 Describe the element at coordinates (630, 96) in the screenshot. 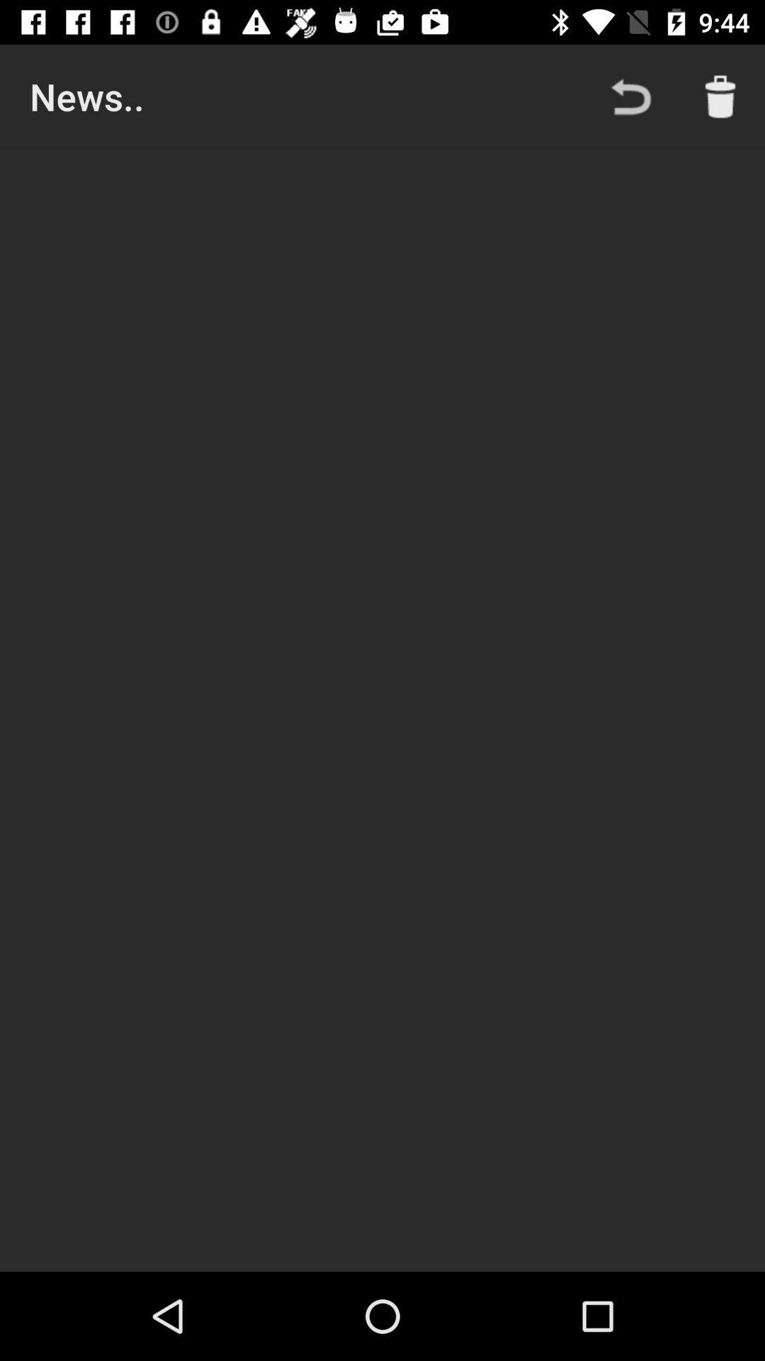

I see `the app next to the news.. item` at that location.